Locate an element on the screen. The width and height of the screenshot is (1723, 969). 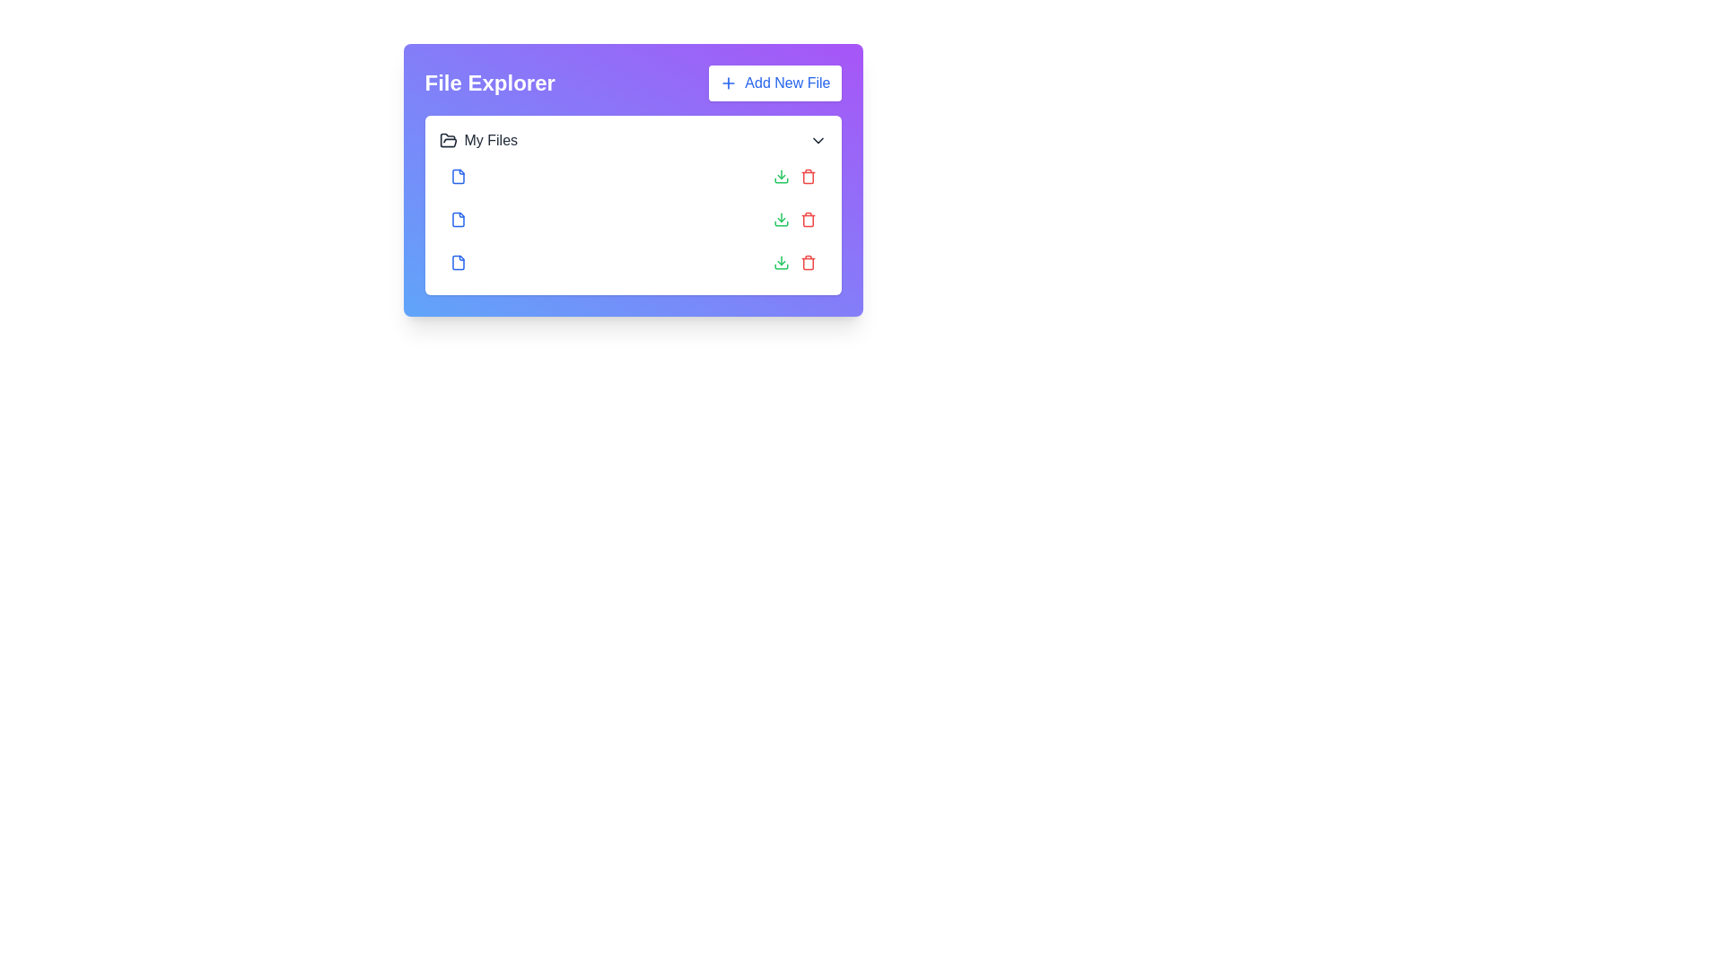
the 'My Files' labeled interactive folder, which features an open folder icon and is the first item in the vertical list within the file explorer interface is located at coordinates (478, 140).